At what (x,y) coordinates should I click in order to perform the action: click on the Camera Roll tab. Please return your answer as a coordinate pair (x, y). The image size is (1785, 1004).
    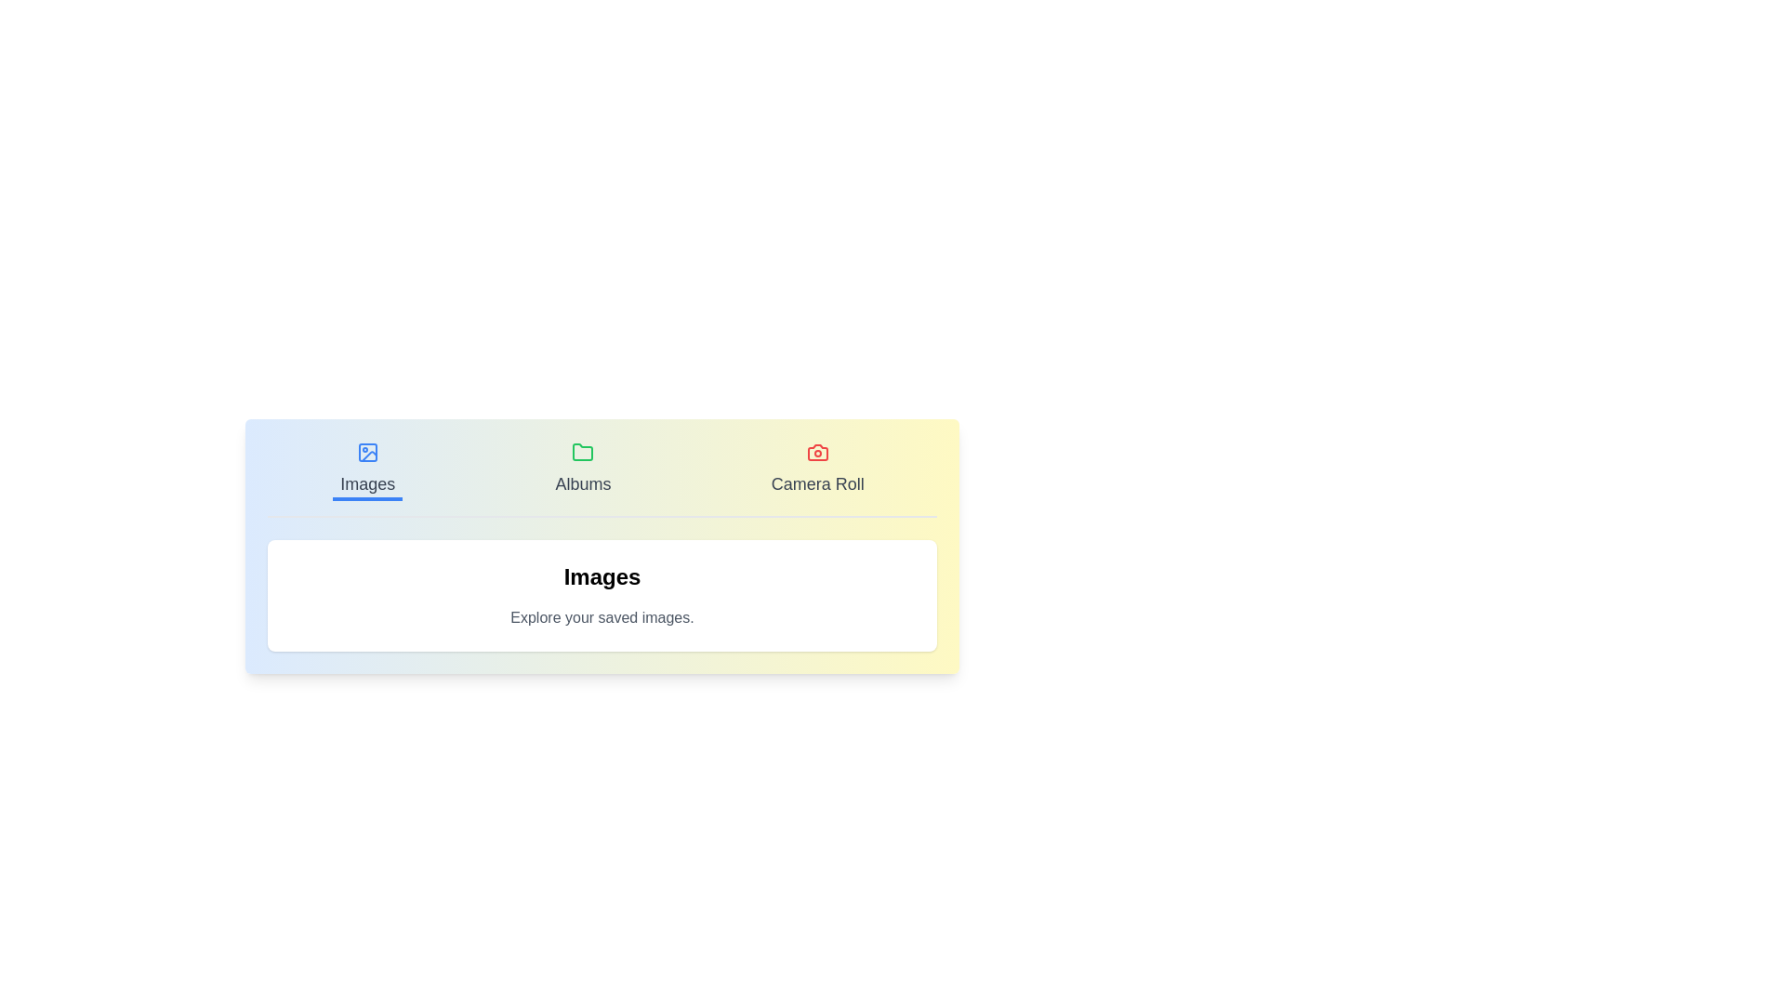
    Looking at the image, I should click on (816, 469).